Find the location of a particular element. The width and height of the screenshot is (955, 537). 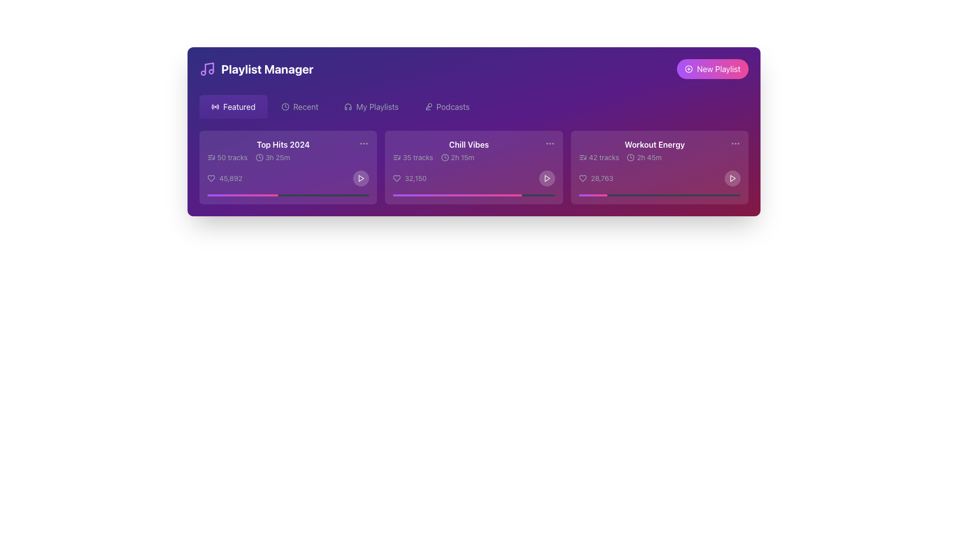

the 'Workout Energy' playlist information text label located in the third card from the left within the 'Playlist Manager' interface, positioned towards the top-right corner of its card is located at coordinates (655, 151).